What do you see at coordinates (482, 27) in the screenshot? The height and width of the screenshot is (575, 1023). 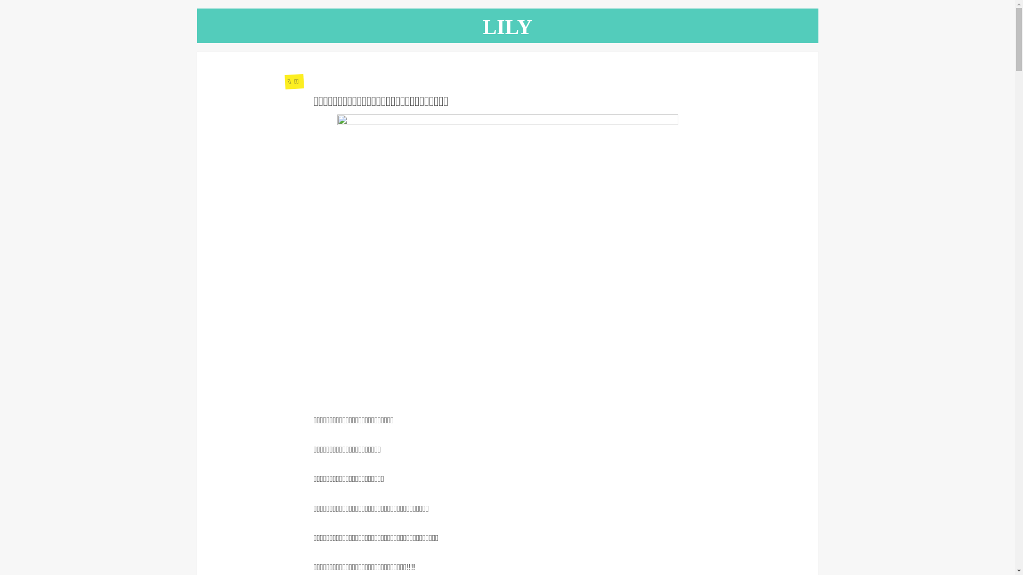 I see `'LILY'` at bounding box center [482, 27].